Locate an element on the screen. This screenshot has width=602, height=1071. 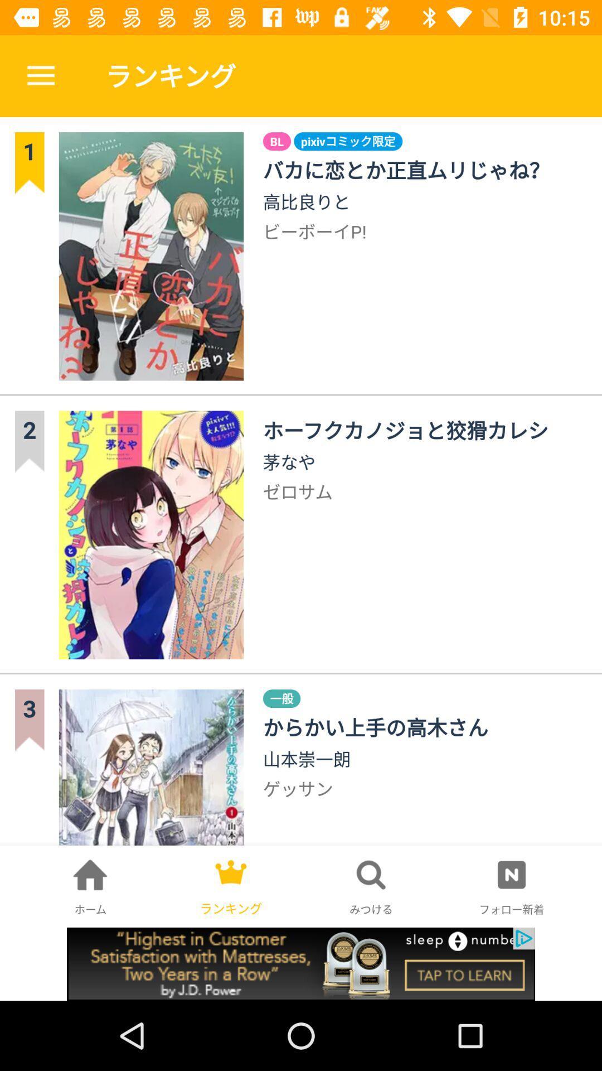
the number 1 is located at coordinates (29, 163).